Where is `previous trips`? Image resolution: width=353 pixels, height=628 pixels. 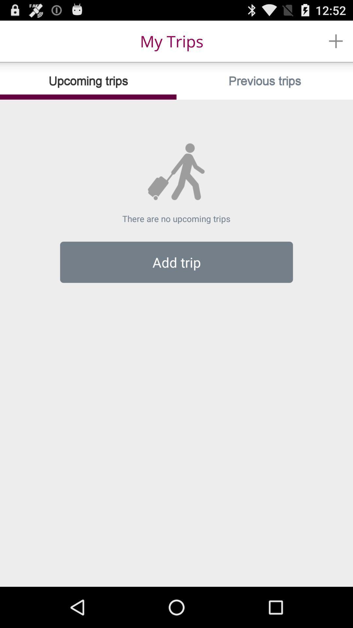
previous trips is located at coordinates (265, 81).